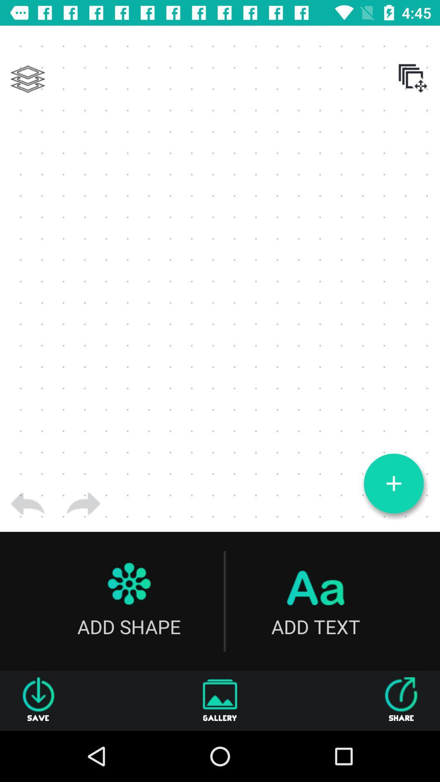  What do you see at coordinates (83, 503) in the screenshot?
I see `go forward` at bounding box center [83, 503].